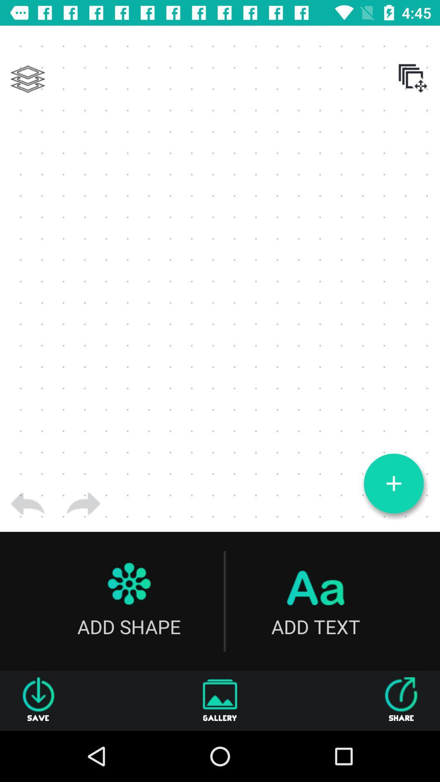  What do you see at coordinates (83, 503) in the screenshot?
I see `go forward` at bounding box center [83, 503].